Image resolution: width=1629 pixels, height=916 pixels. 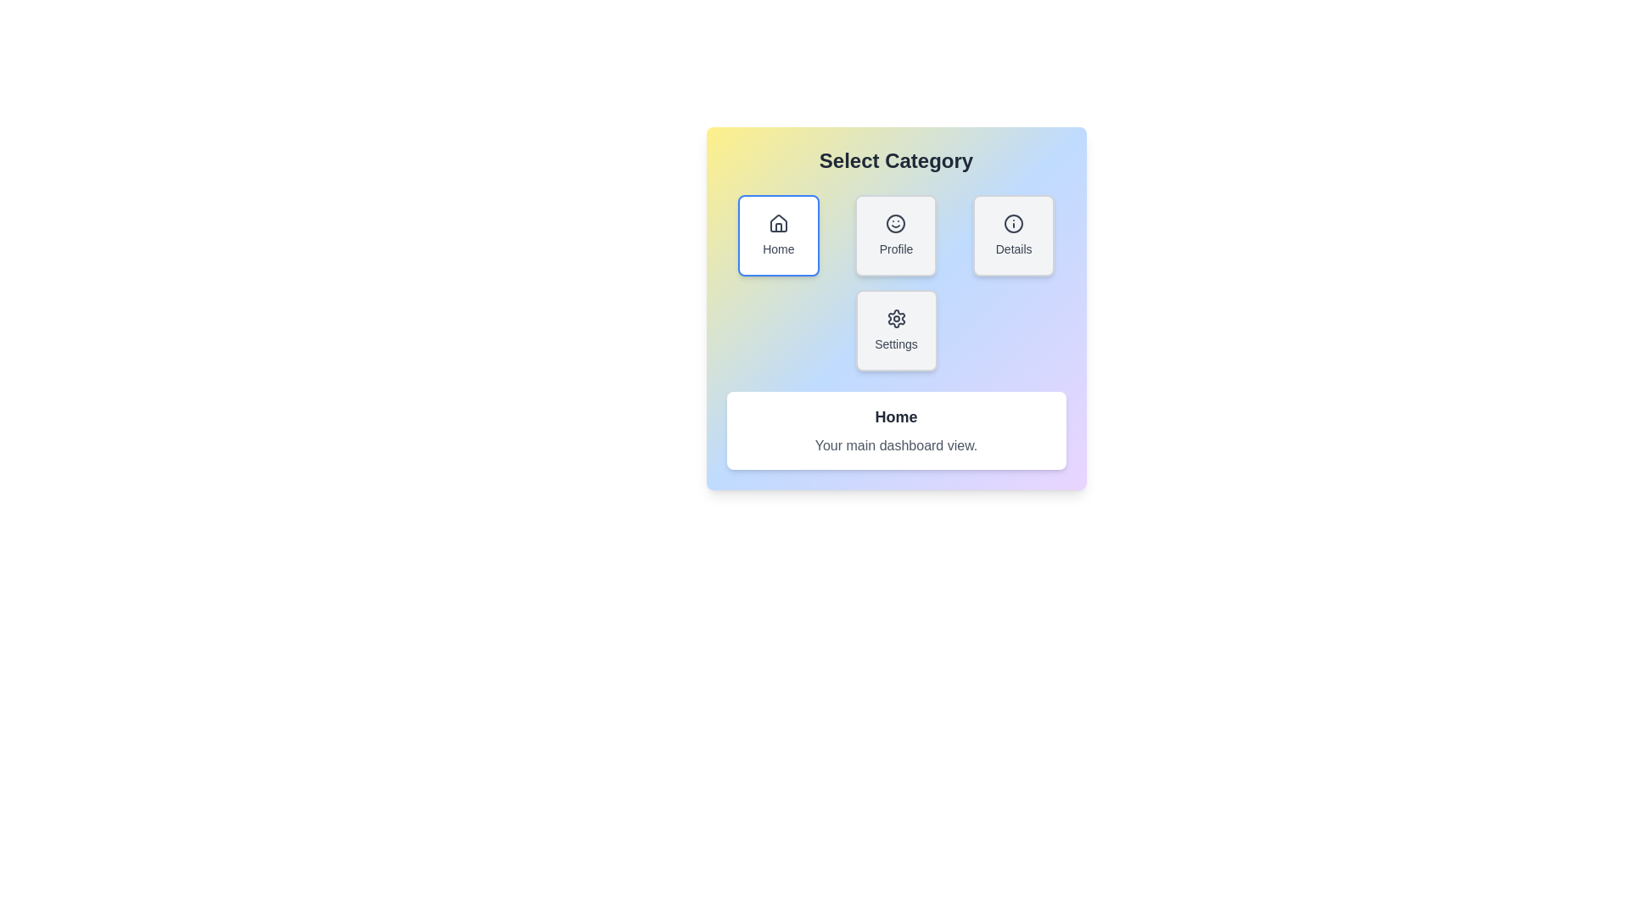 What do you see at coordinates (1014, 249) in the screenshot?
I see `text 'Details' from the label located at the bottom of the information icon in the top-right section of the grid` at bounding box center [1014, 249].